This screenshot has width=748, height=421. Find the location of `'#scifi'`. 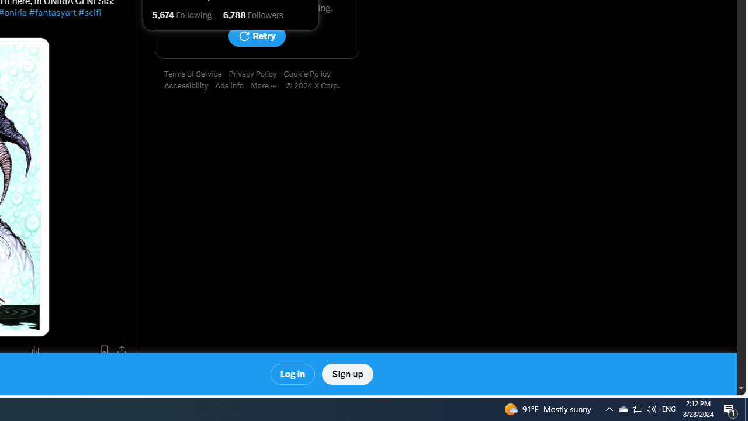

'#scifi' is located at coordinates (88, 13).